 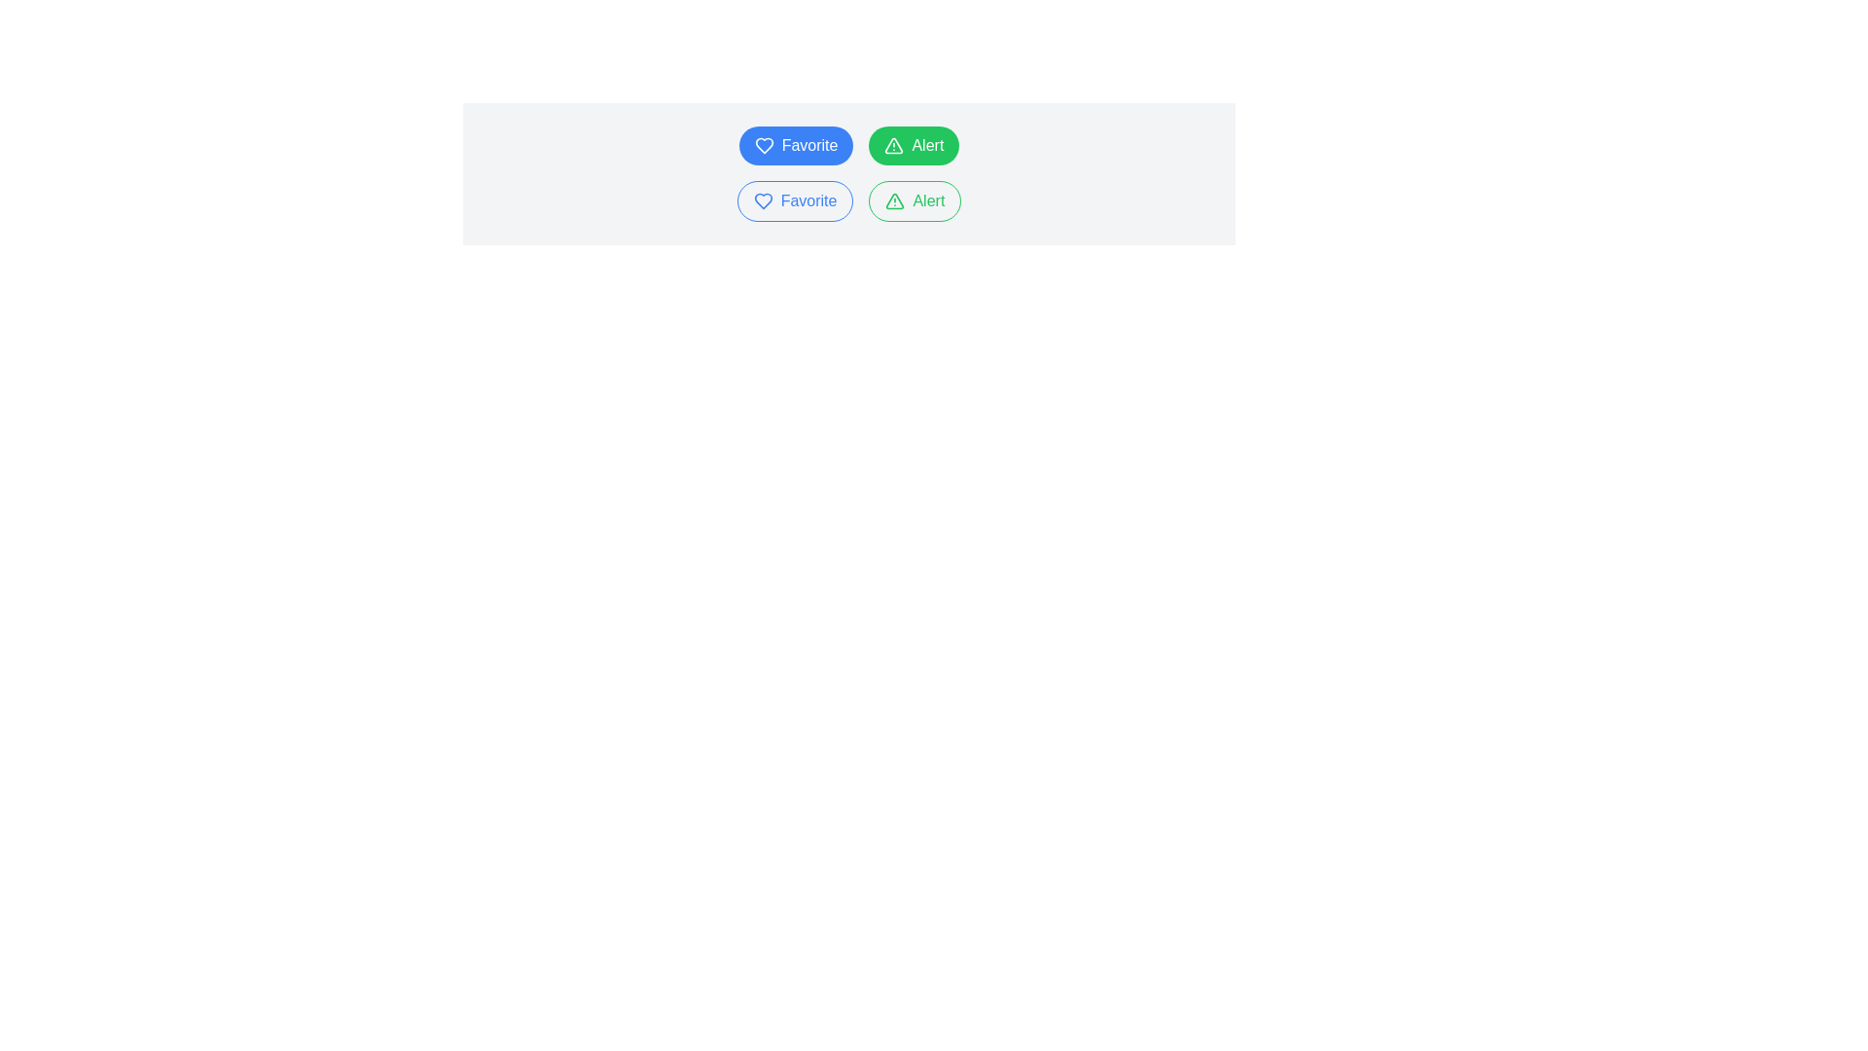 What do you see at coordinates (763, 145) in the screenshot?
I see `the heart icon within the 'Favorite' button located at the top left corner of the interface` at bounding box center [763, 145].